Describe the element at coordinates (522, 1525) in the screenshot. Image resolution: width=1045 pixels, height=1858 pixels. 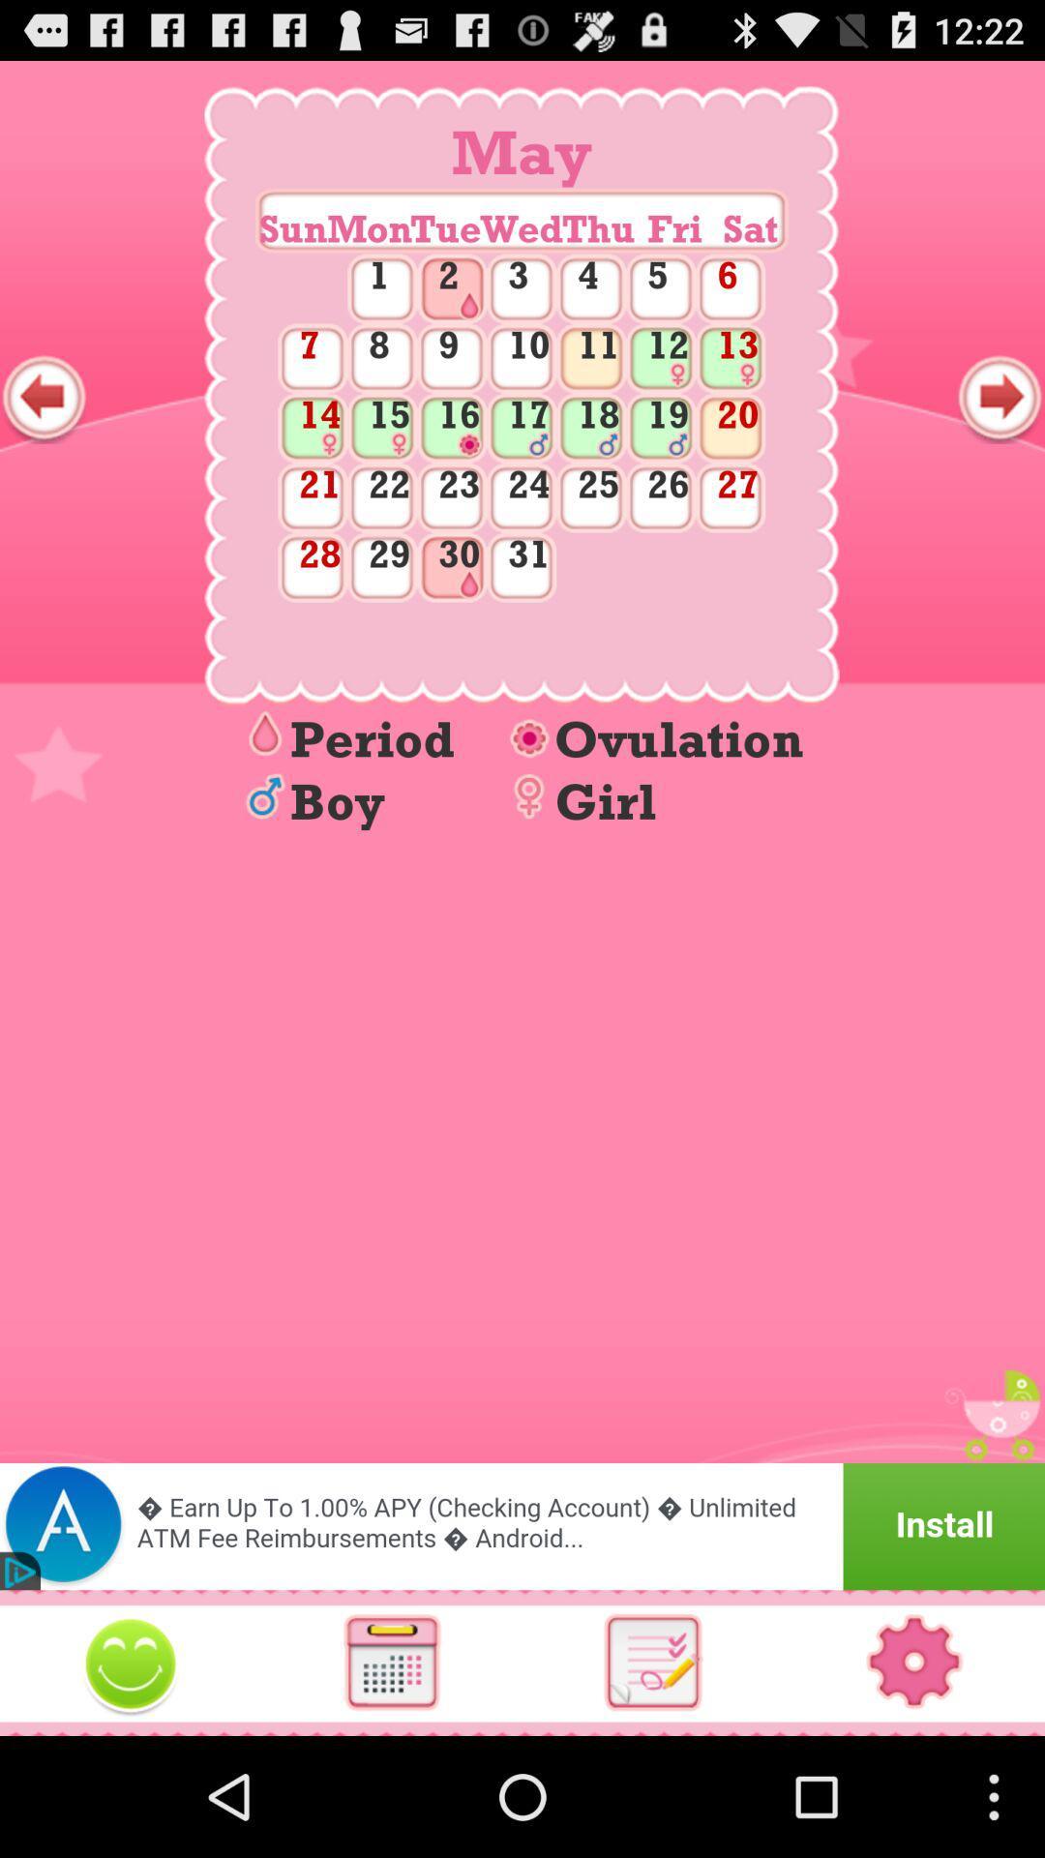
I see `advertisement` at that location.